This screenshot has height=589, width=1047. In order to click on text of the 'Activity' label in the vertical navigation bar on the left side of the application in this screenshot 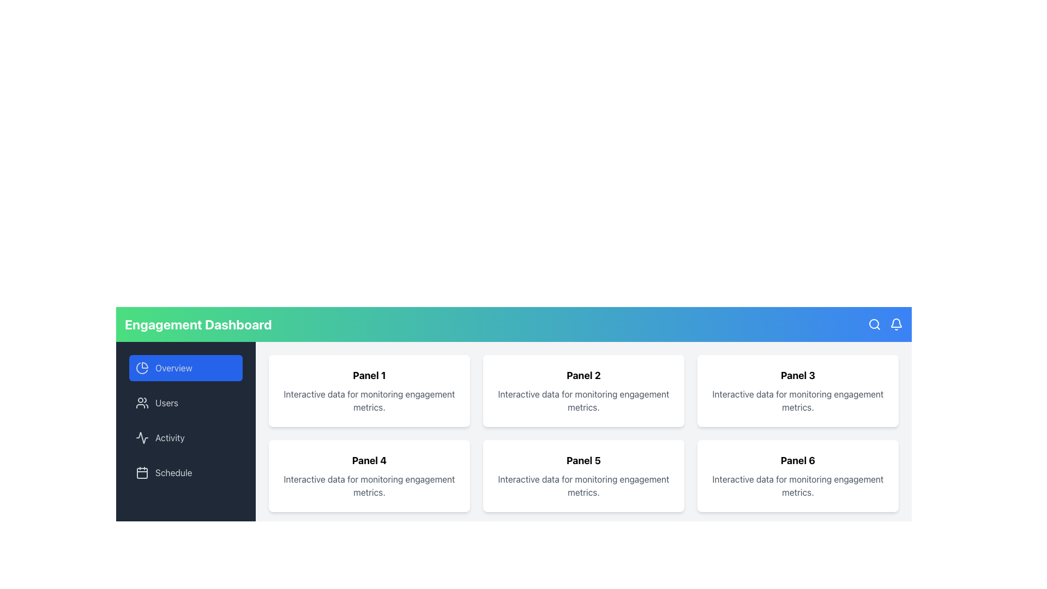, I will do `click(170, 437)`.